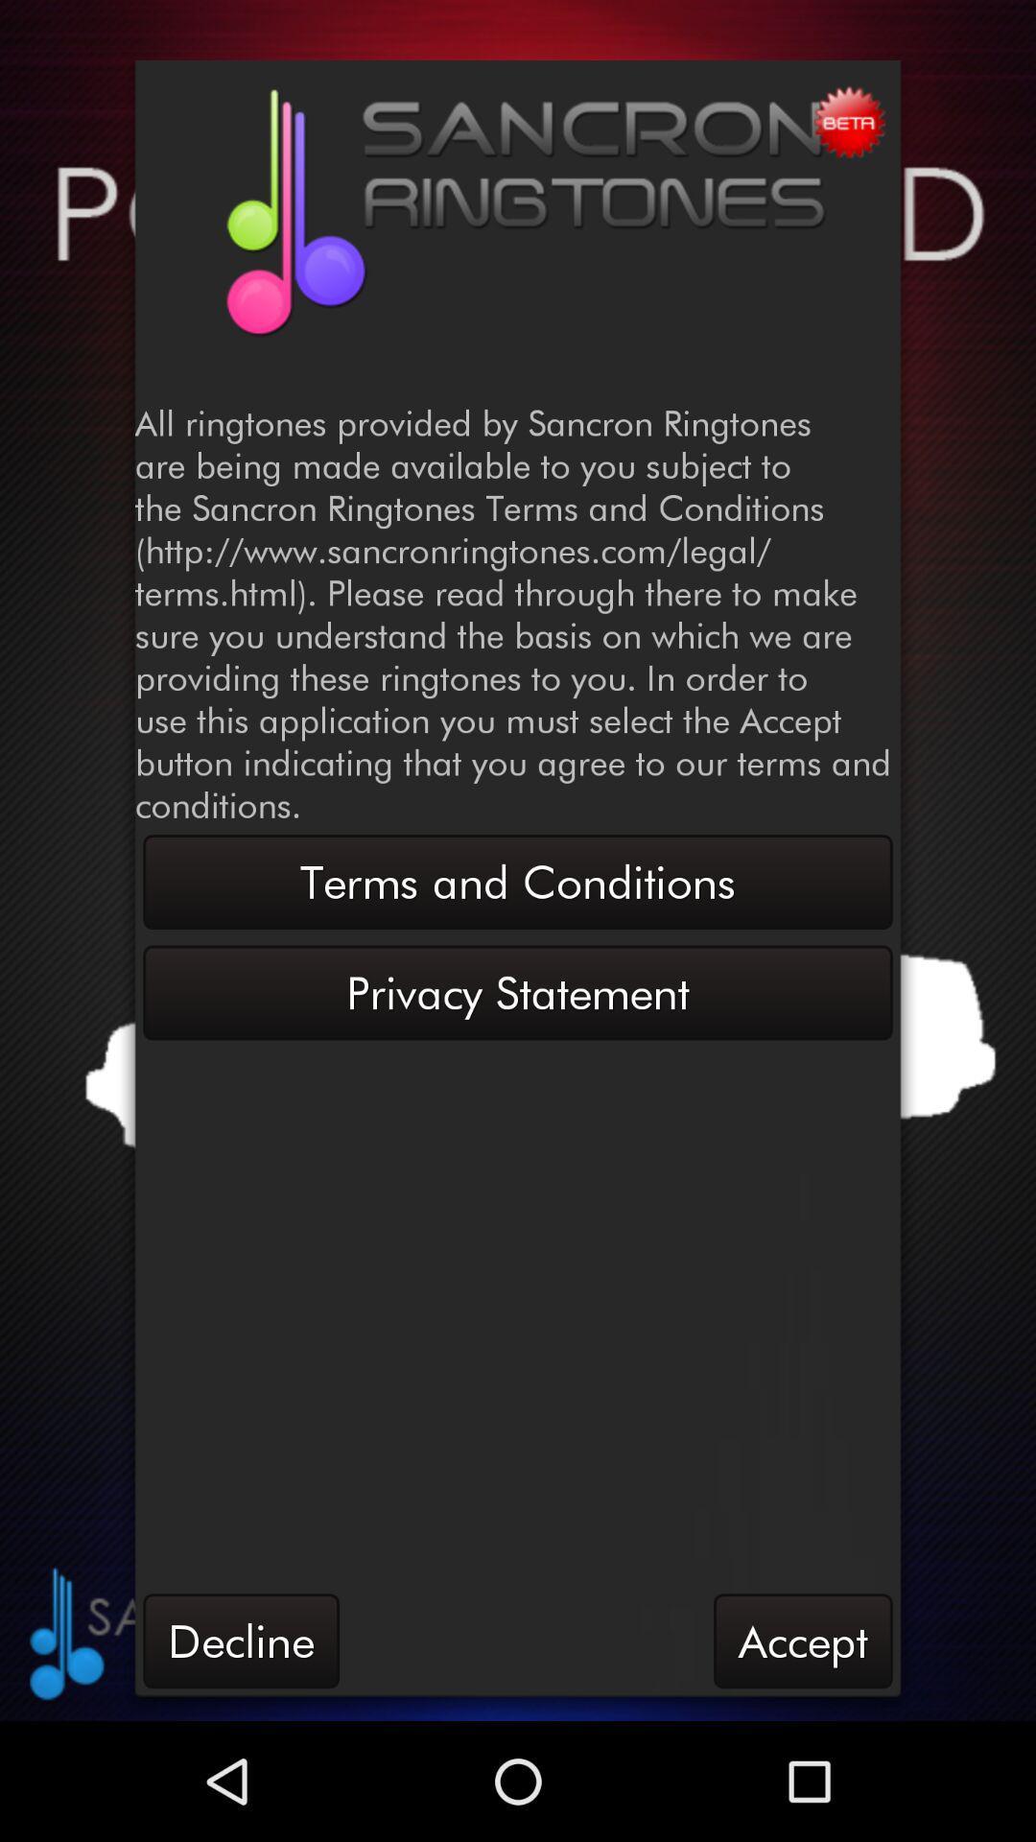  Describe the element at coordinates (803, 1640) in the screenshot. I see `the accept button` at that location.